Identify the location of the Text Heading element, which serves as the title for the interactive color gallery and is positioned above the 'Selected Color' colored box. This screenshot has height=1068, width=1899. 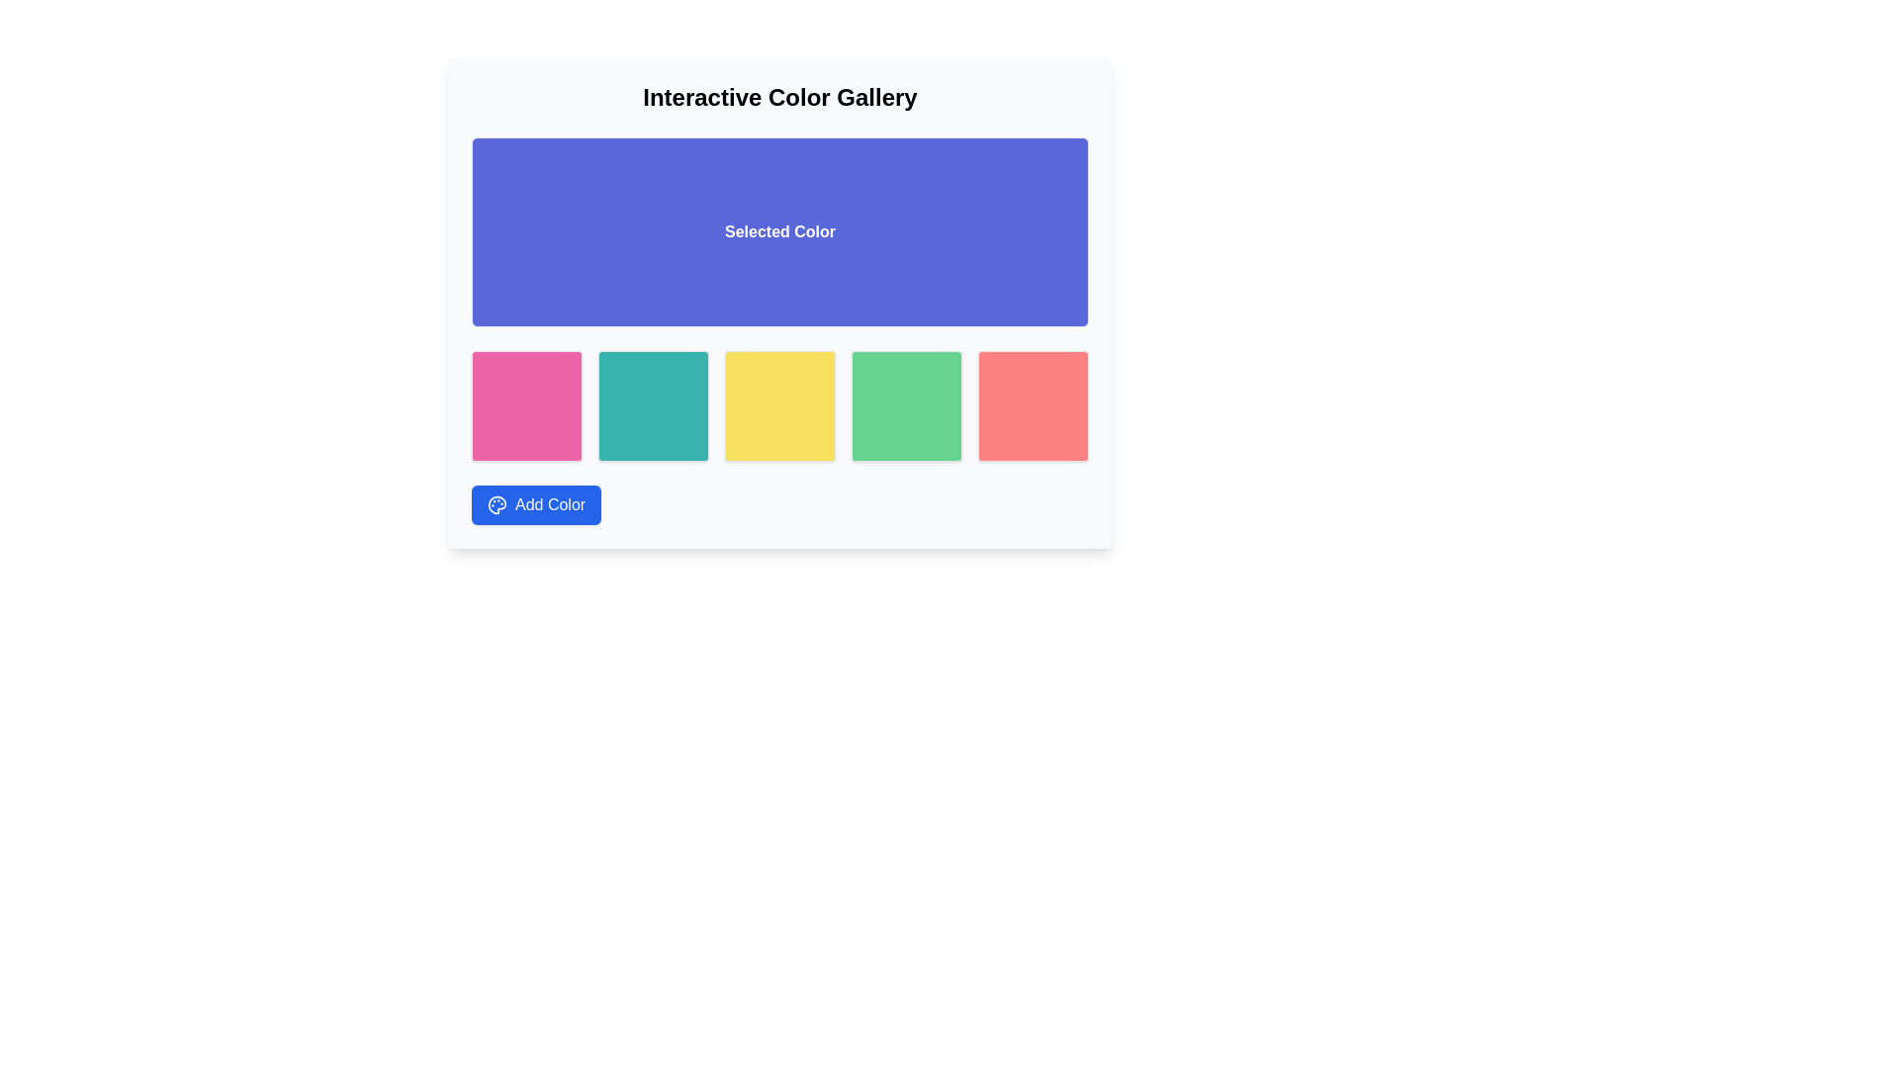
(778, 98).